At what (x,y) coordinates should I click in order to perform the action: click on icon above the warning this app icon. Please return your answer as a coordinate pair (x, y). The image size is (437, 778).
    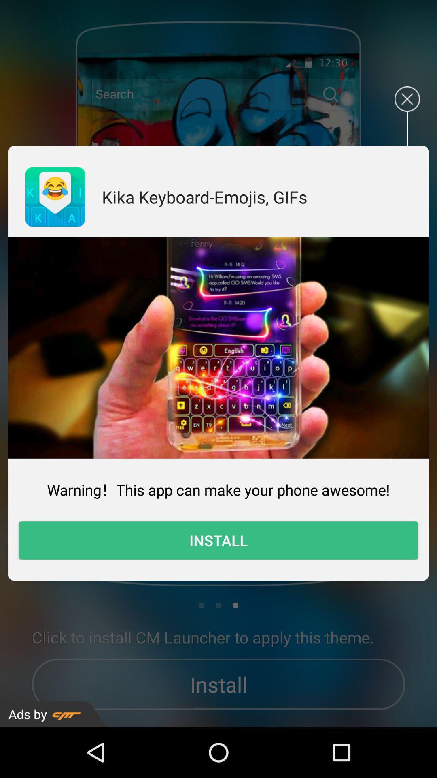
    Looking at the image, I should click on (218, 348).